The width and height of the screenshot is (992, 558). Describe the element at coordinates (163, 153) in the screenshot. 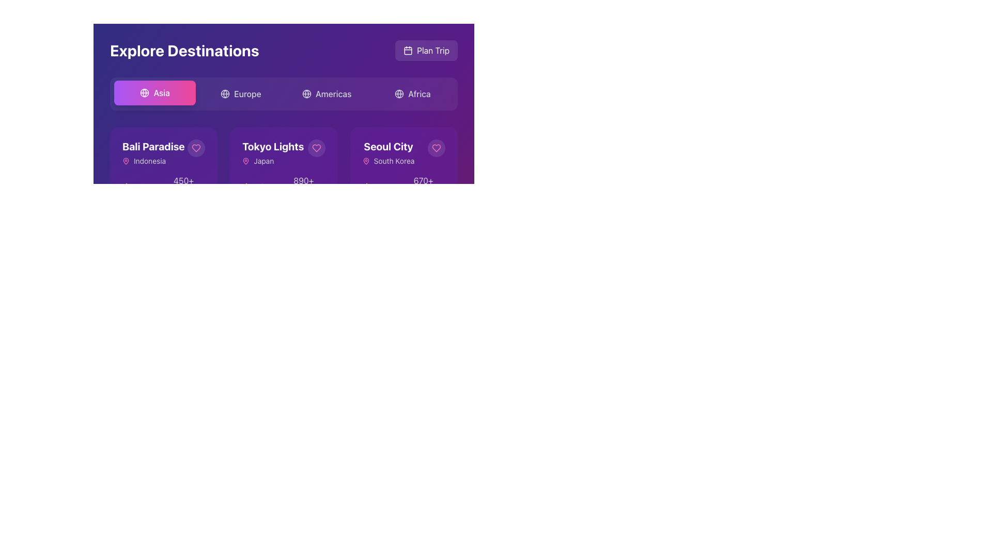

I see `the heart icon located in the top-left of the travel interface, under the 'Asia' tab, to like the destination` at that location.